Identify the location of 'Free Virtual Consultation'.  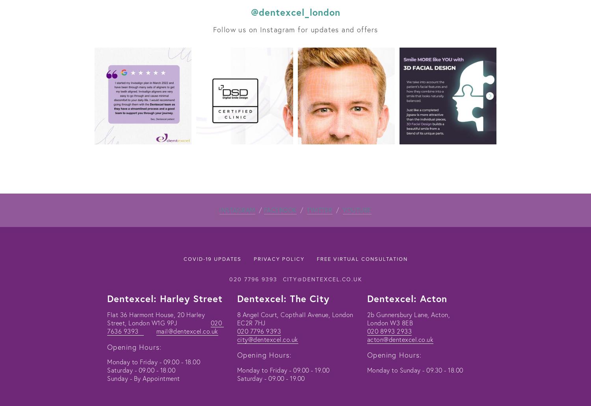
(362, 258).